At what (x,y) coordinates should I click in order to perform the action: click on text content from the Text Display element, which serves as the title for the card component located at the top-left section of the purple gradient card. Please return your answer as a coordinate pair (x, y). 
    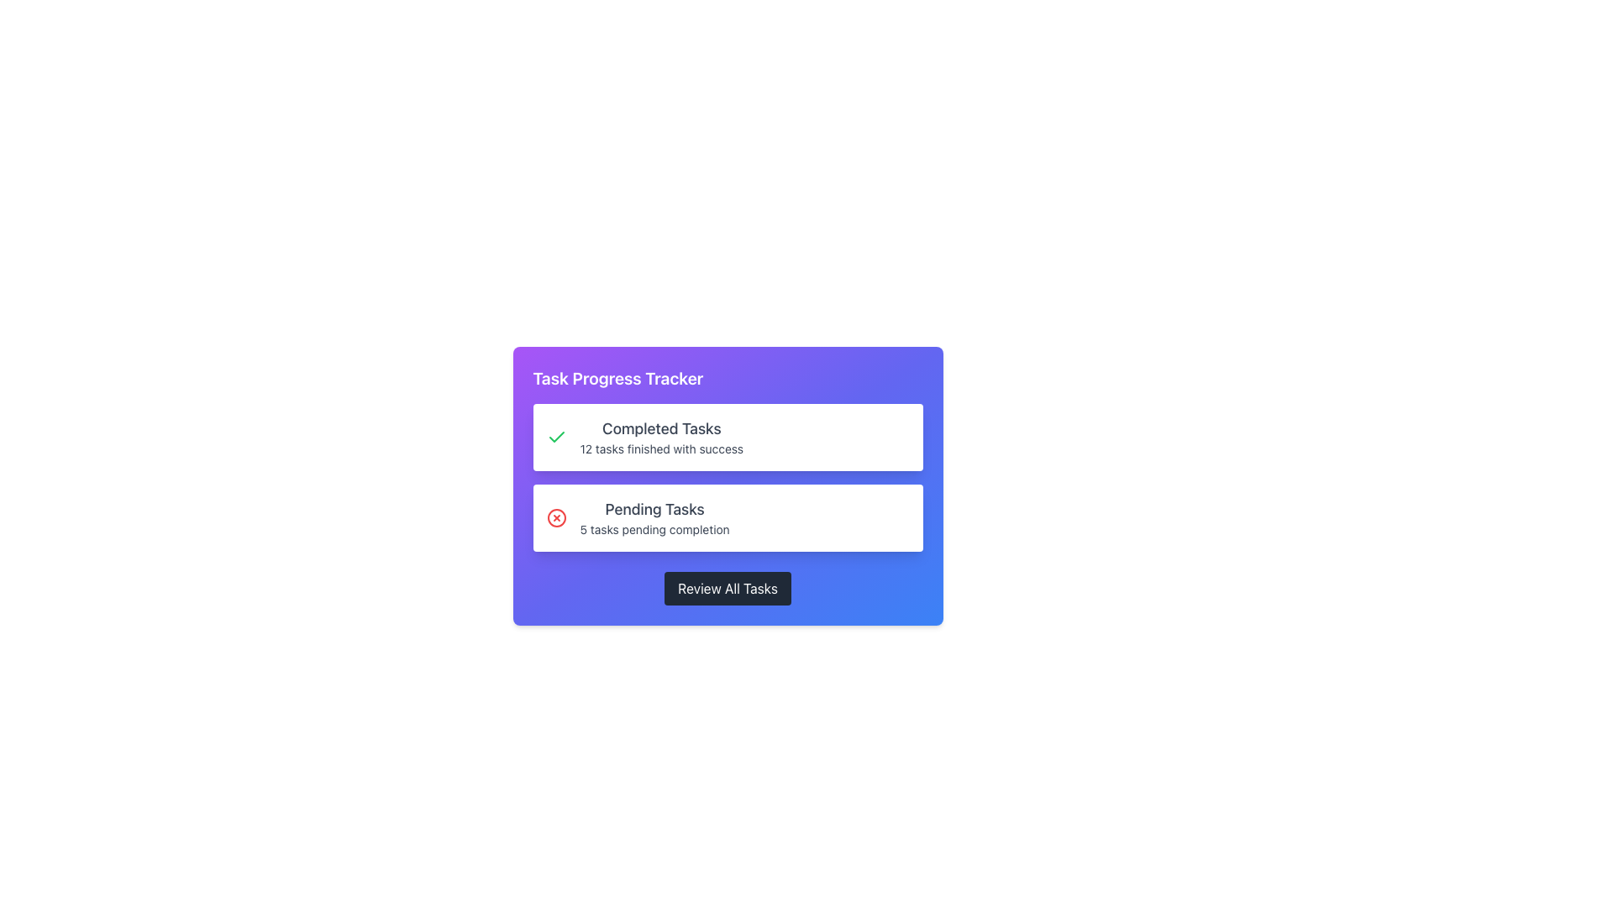
    Looking at the image, I should click on (617, 379).